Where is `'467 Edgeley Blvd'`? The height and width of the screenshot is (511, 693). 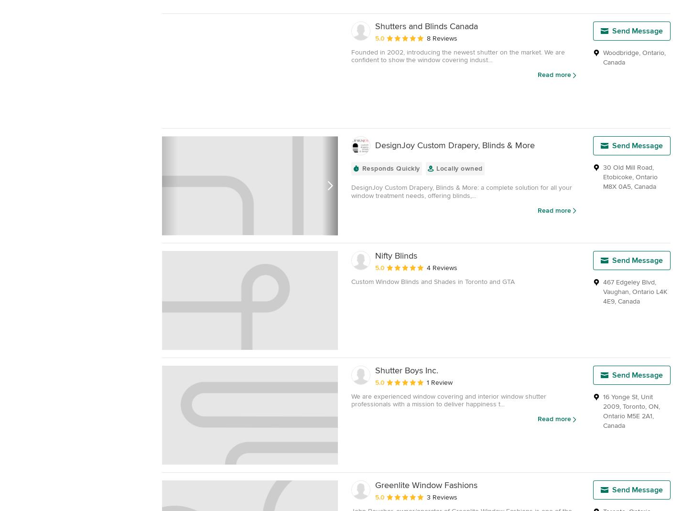
'467 Edgeley Blvd' is located at coordinates (629, 282).